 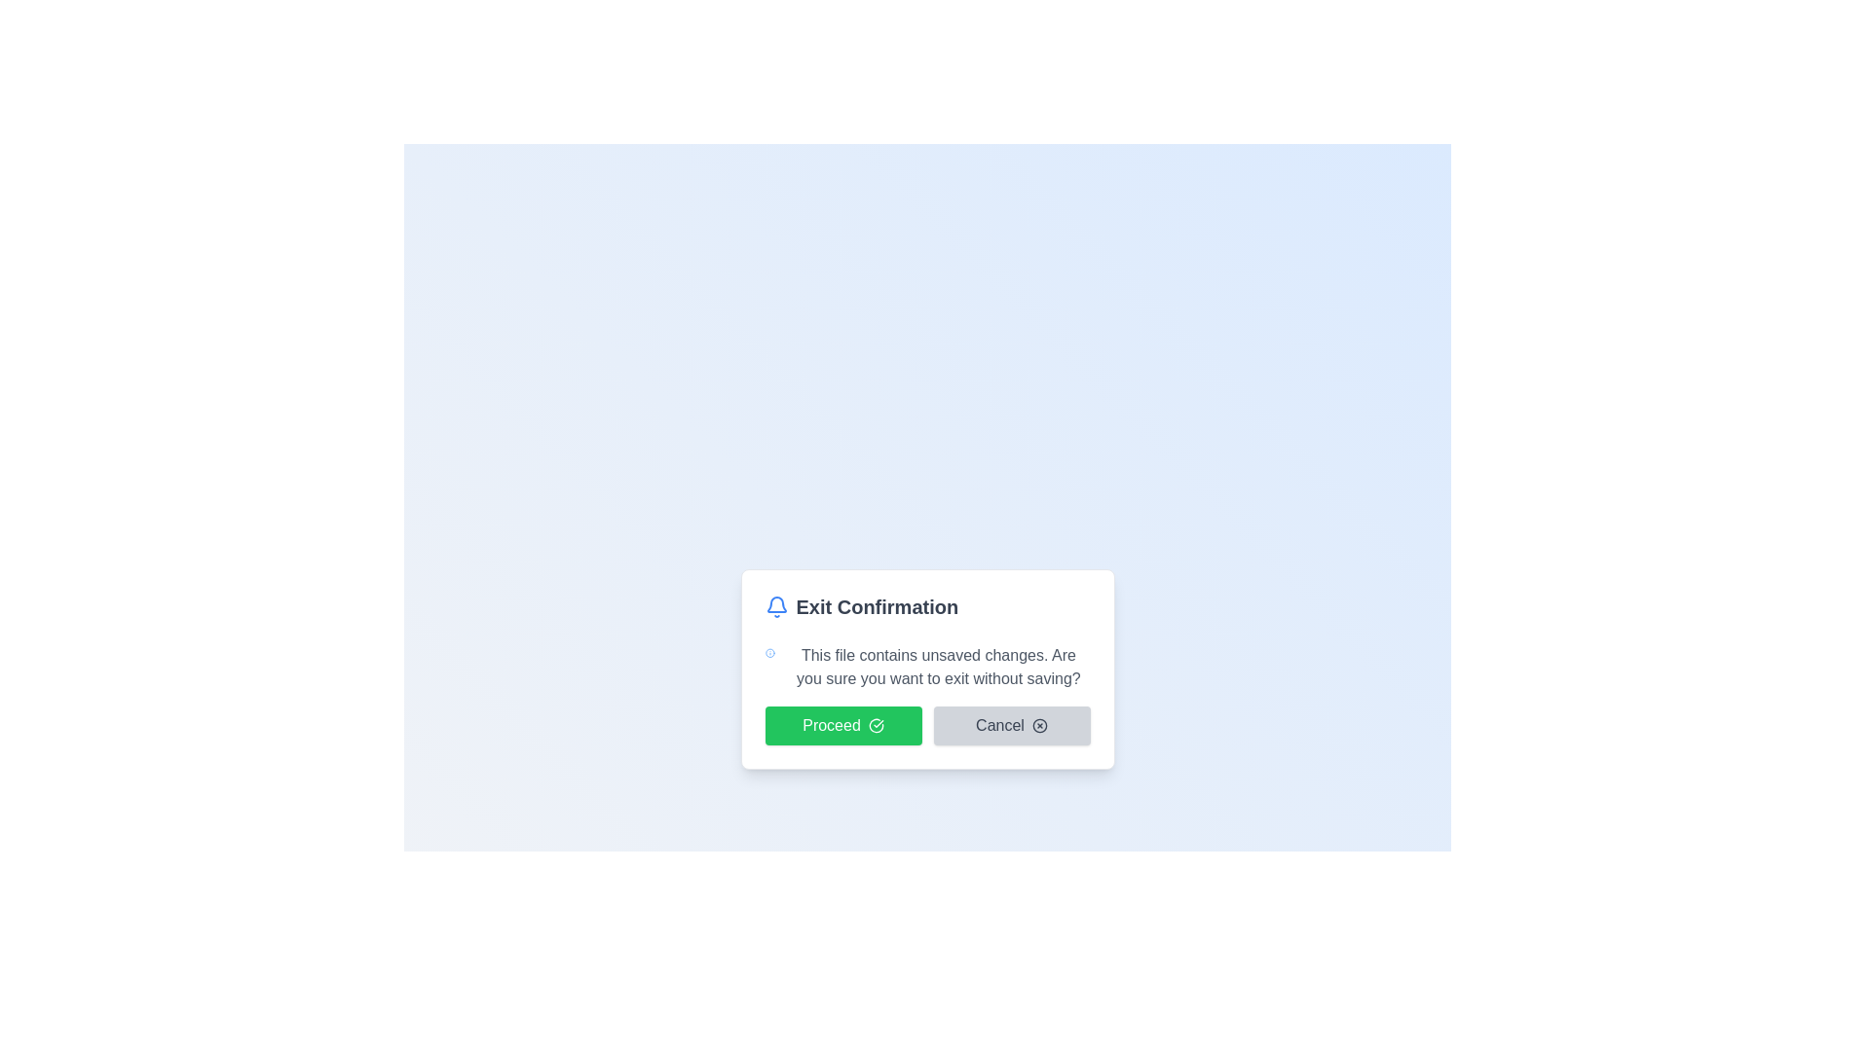 What do you see at coordinates (876, 606) in the screenshot?
I see `text of the bold, dark gray label that says 'Exit Confirmation', which is centrally positioned within the dialog box at the top part` at bounding box center [876, 606].